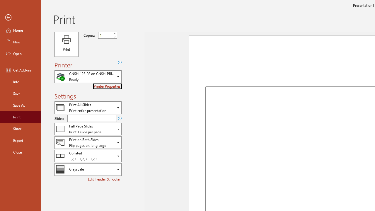  Describe the element at coordinates (21, 82) in the screenshot. I see `'Info'` at that location.